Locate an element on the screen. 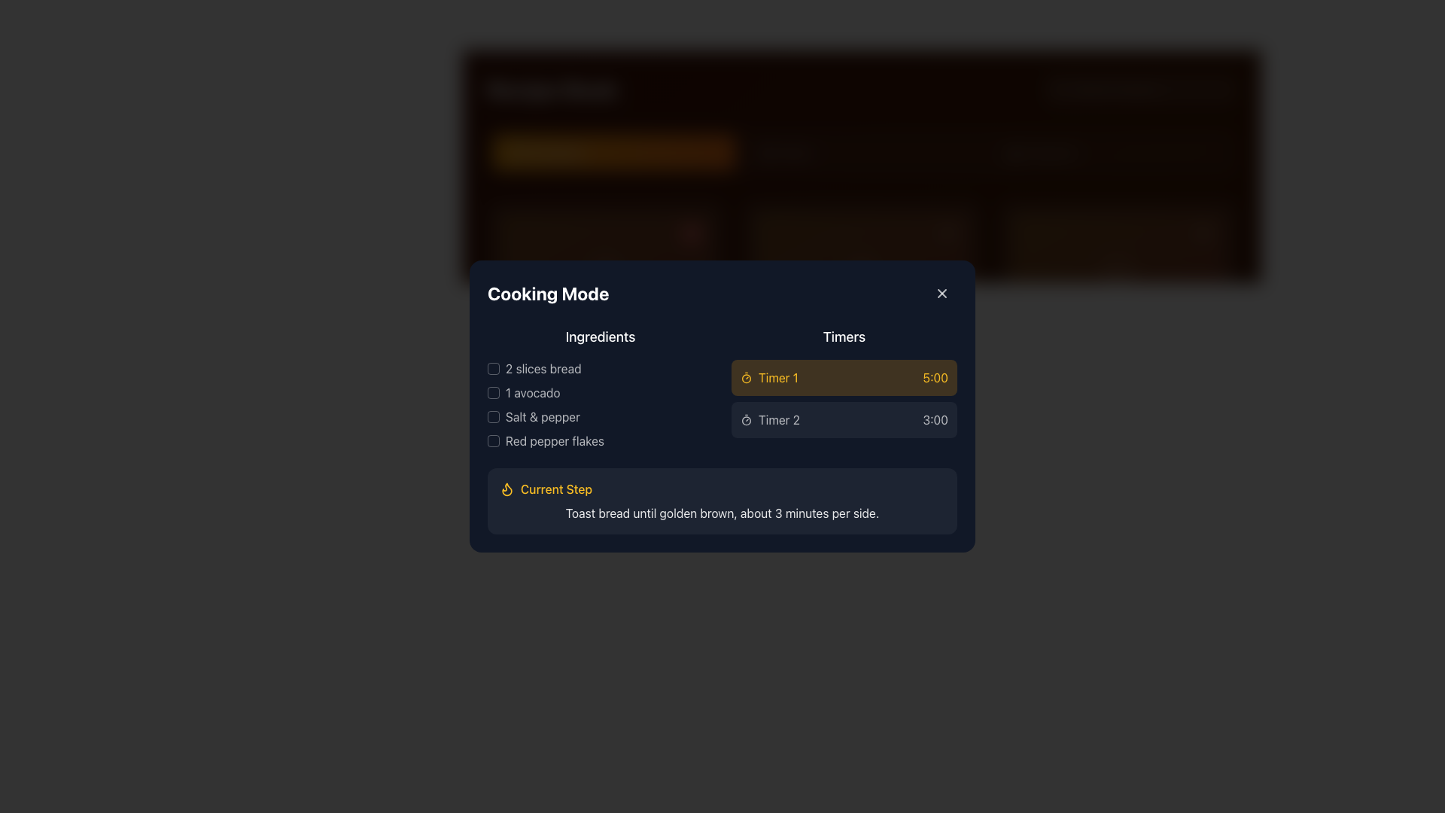 The image size is (1445, 813). the central horizontal line of the rotated plus sign icon located in the top-right corner of the modal dialog box, close to the 'Cooking Mode' header is located at coordinates (942, 293).